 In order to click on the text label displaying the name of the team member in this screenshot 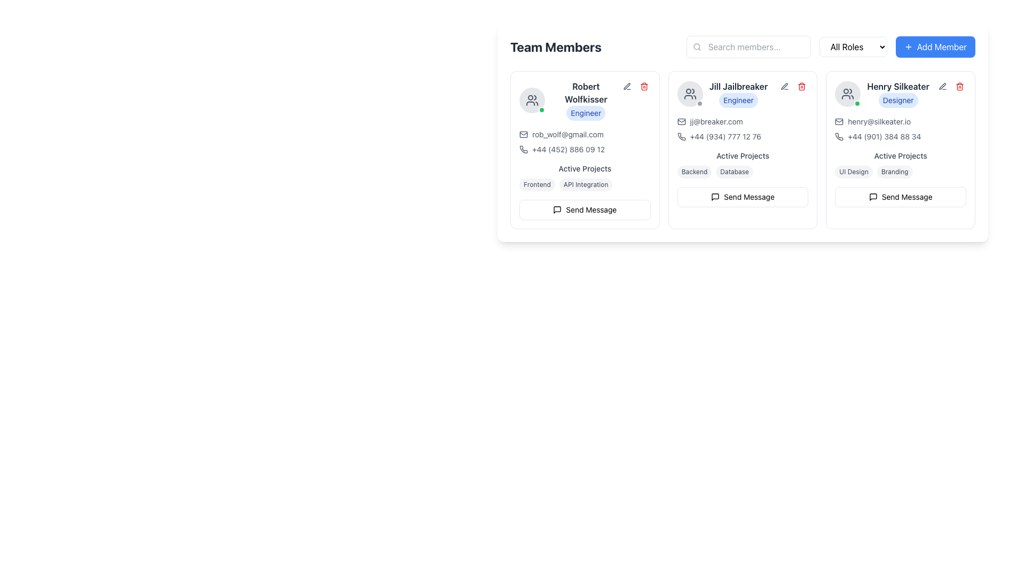, I will do `click(738, 86)`.